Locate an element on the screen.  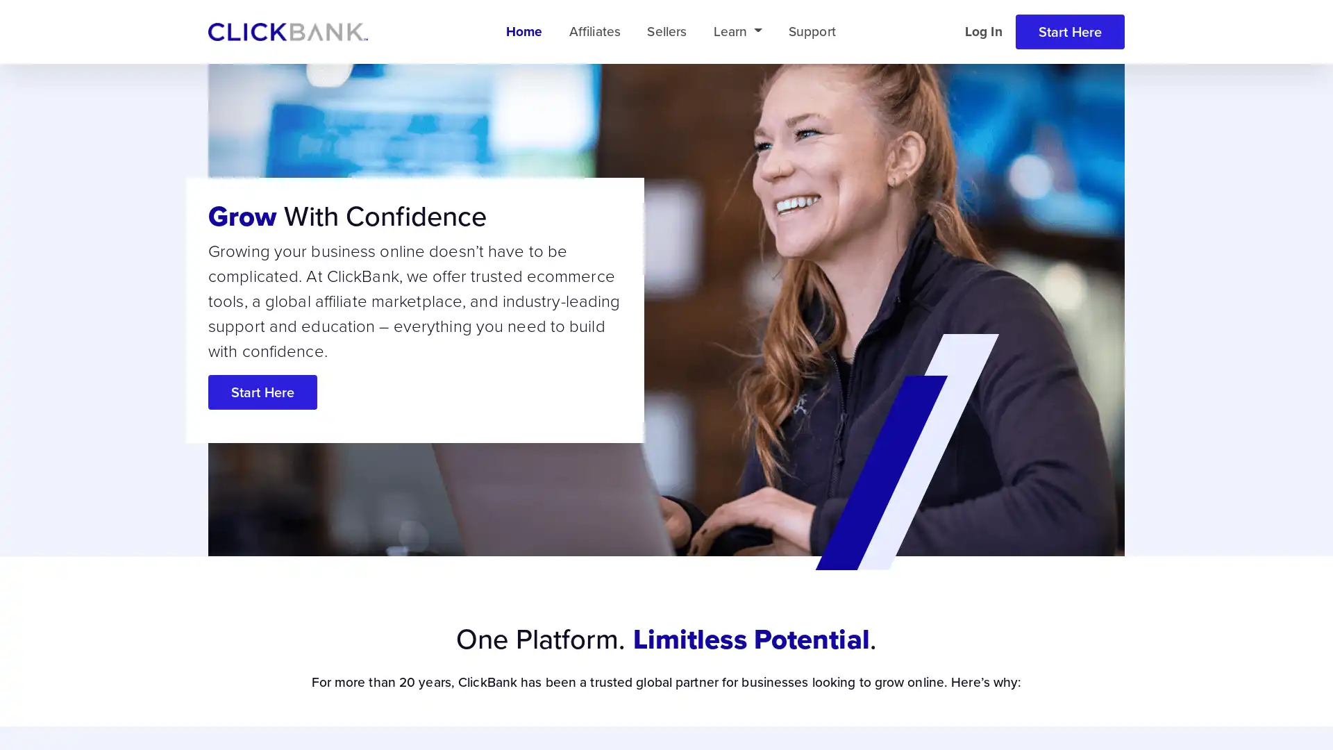
Start Here is located at coordinates (262, 391).